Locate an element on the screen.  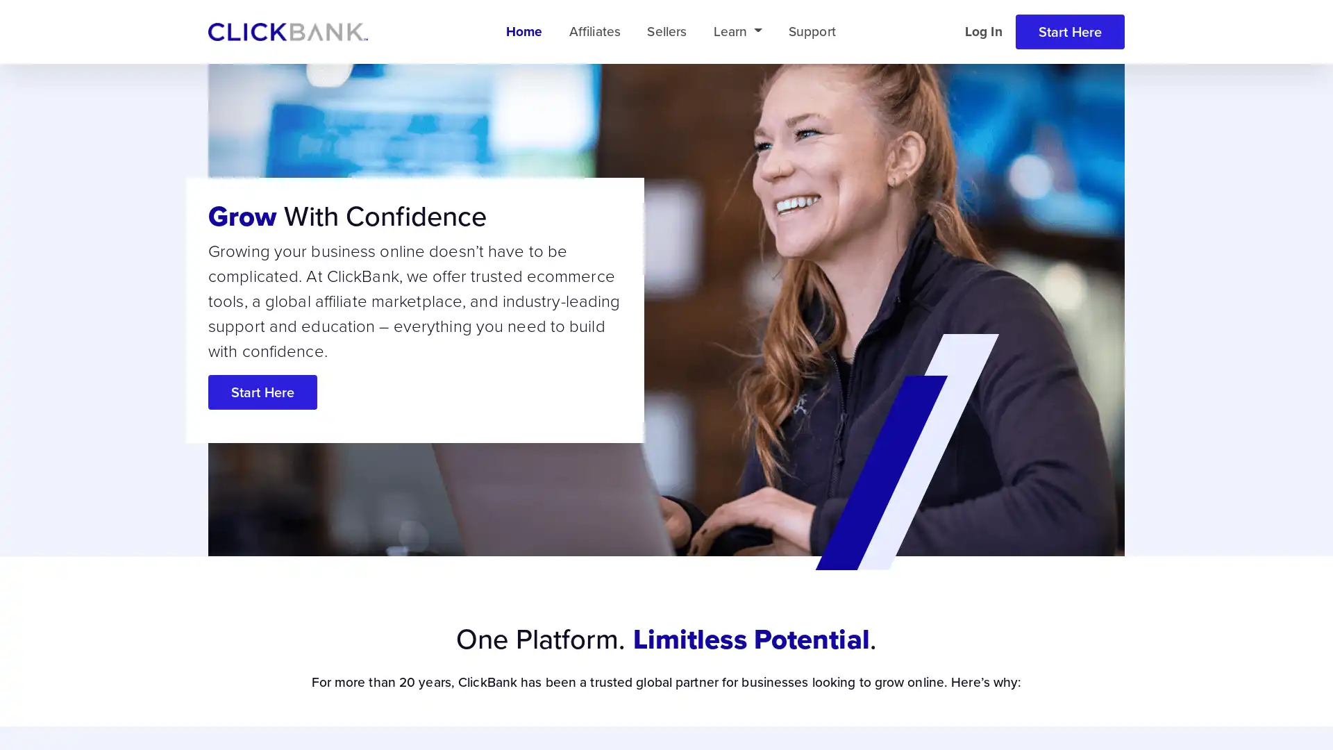
Start Here is located at coordinates (262, 391).